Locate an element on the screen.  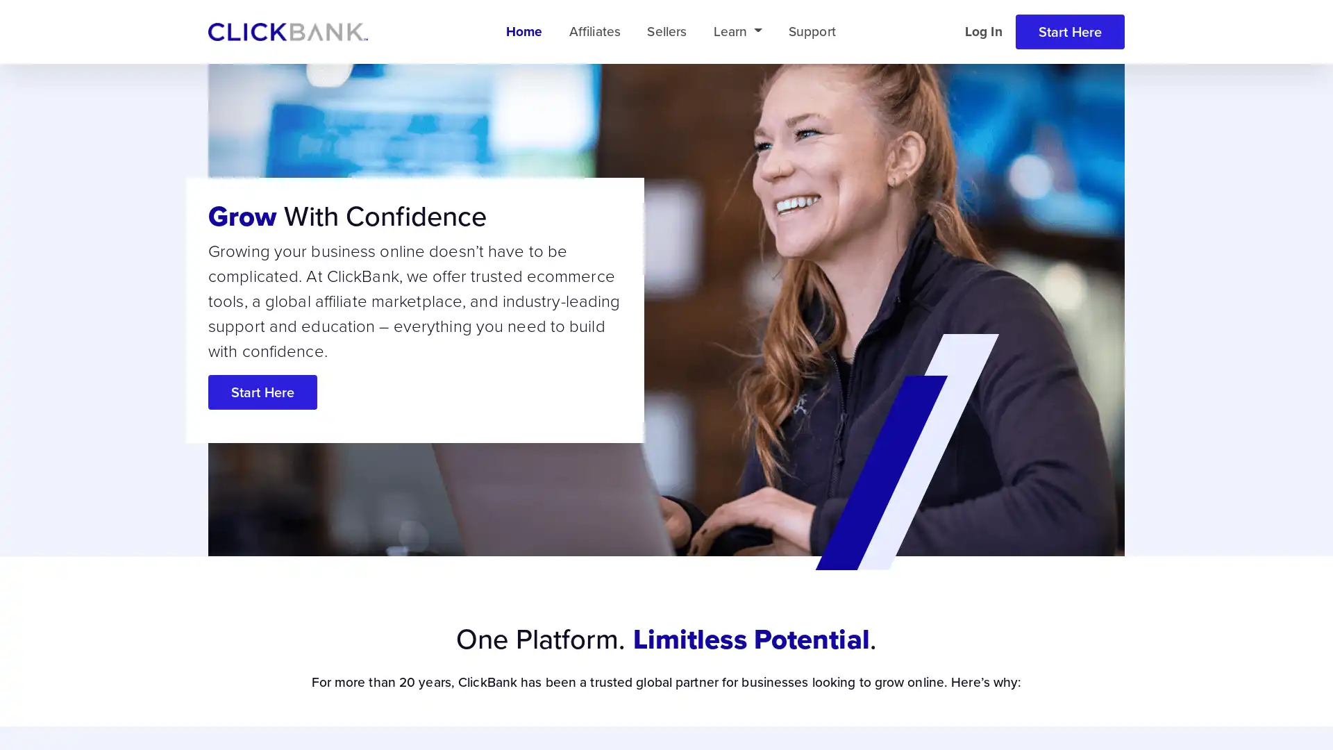
Start Here is located at coordinates (262, 391).